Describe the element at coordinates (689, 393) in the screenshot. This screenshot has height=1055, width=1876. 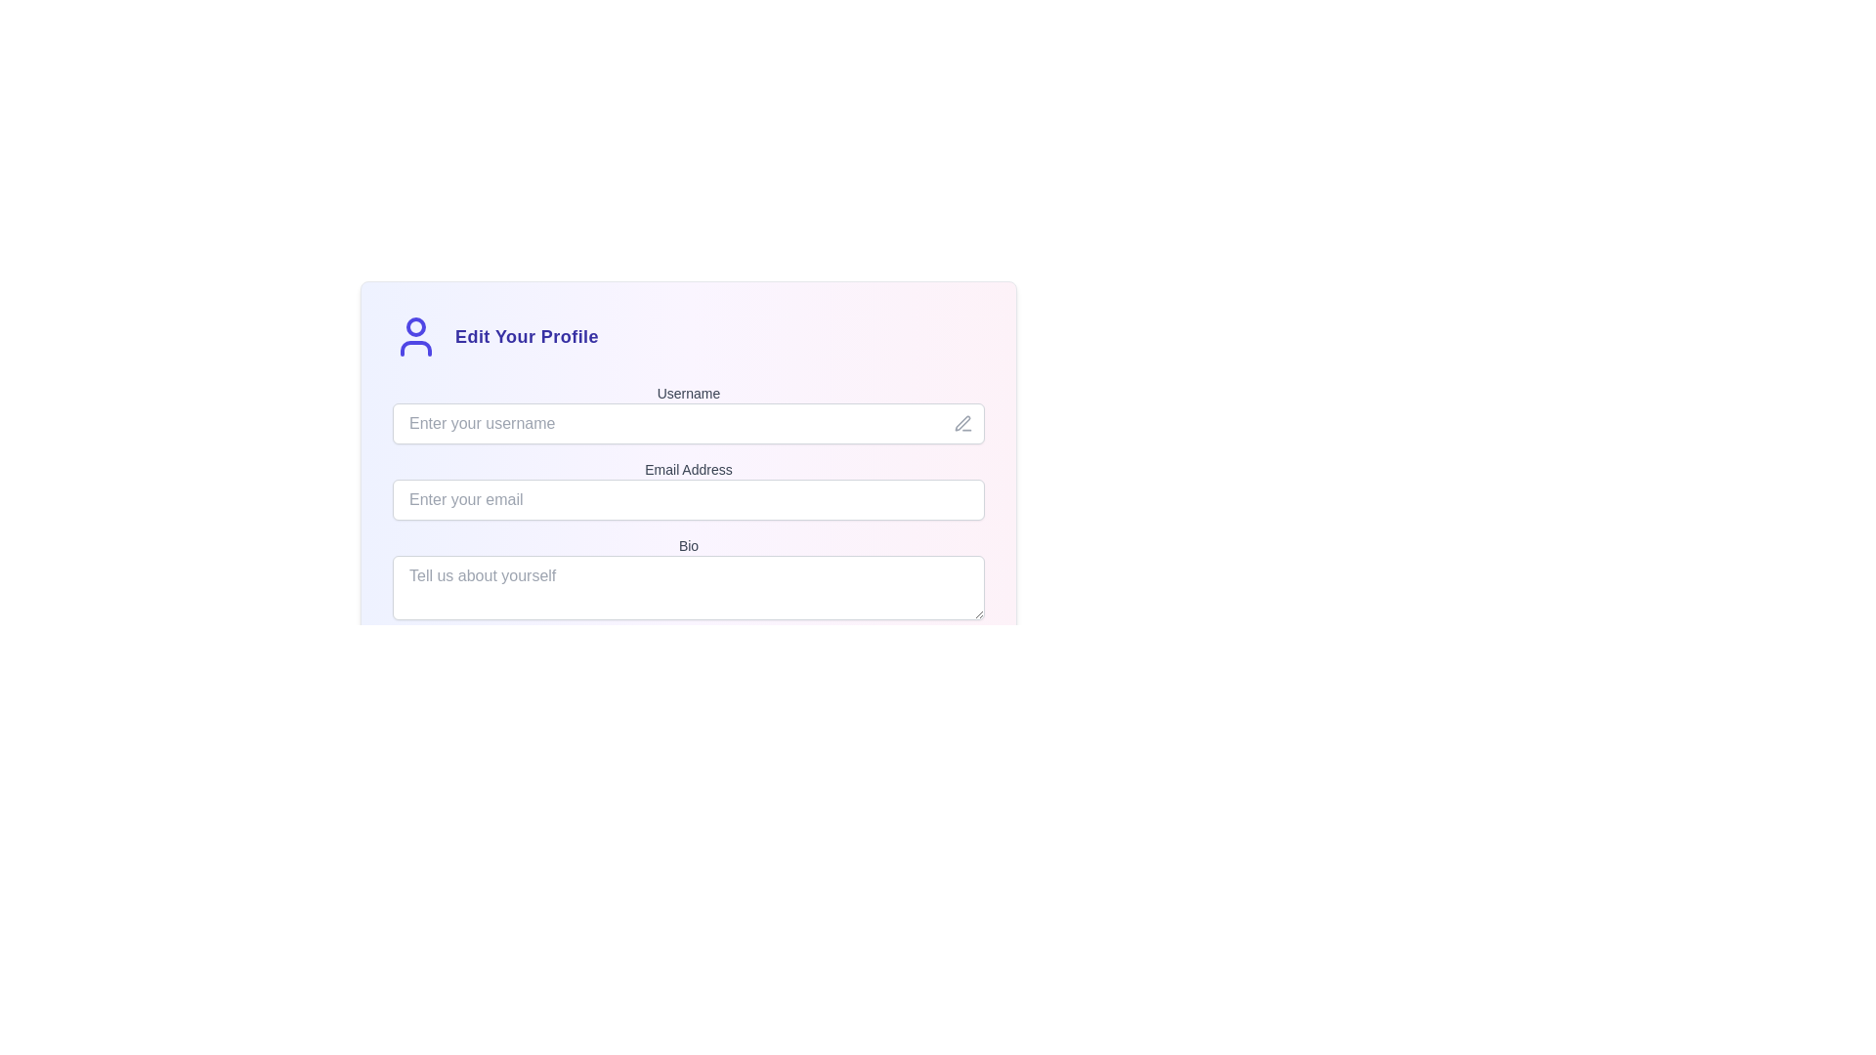
I see `the 'Username' text label, which is styled in gray and positioned above the username input field, located at the top center of the form` at that location.